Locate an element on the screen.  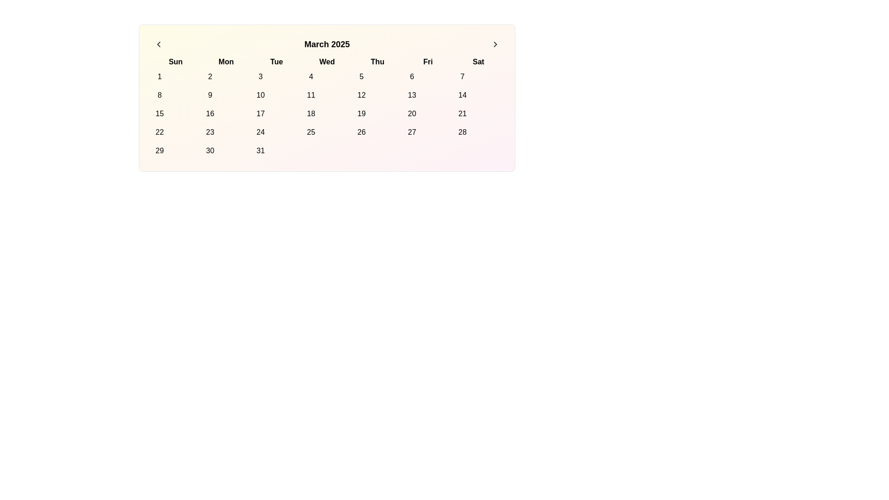
the forward navigation icon located within the circular button at the top-right part of the calendar display is located at coordinates (495, 44).